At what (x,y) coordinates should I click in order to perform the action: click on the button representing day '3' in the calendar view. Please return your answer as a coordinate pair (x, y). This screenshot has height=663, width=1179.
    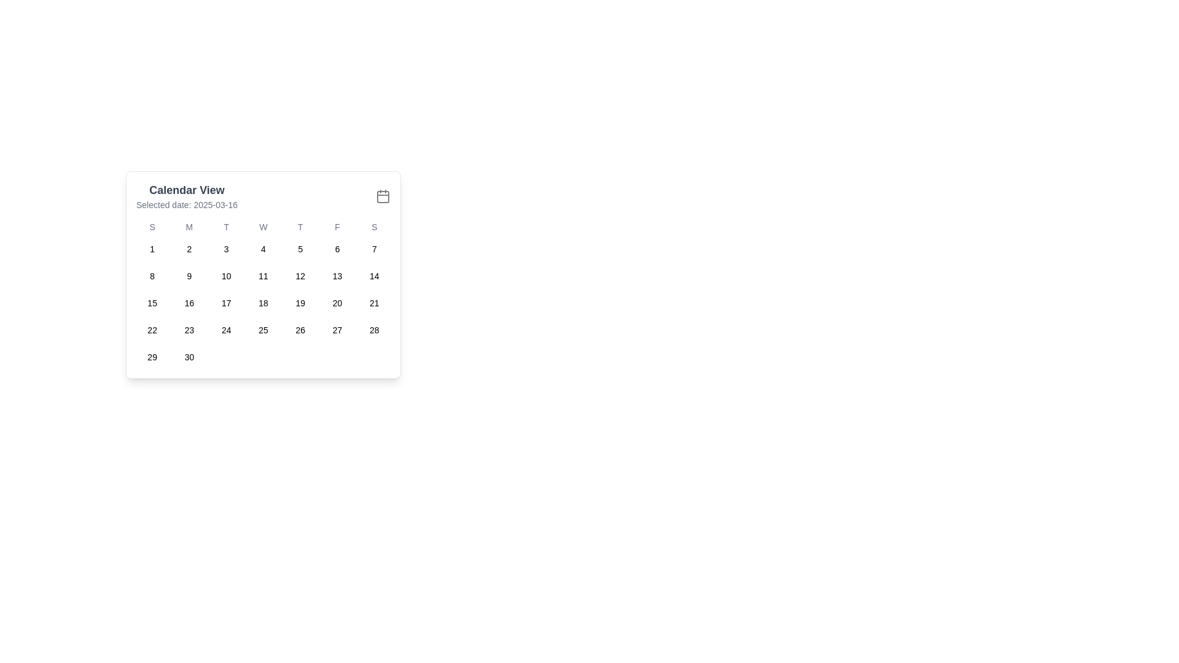
    Looking at the image, I should click on (226, 249).